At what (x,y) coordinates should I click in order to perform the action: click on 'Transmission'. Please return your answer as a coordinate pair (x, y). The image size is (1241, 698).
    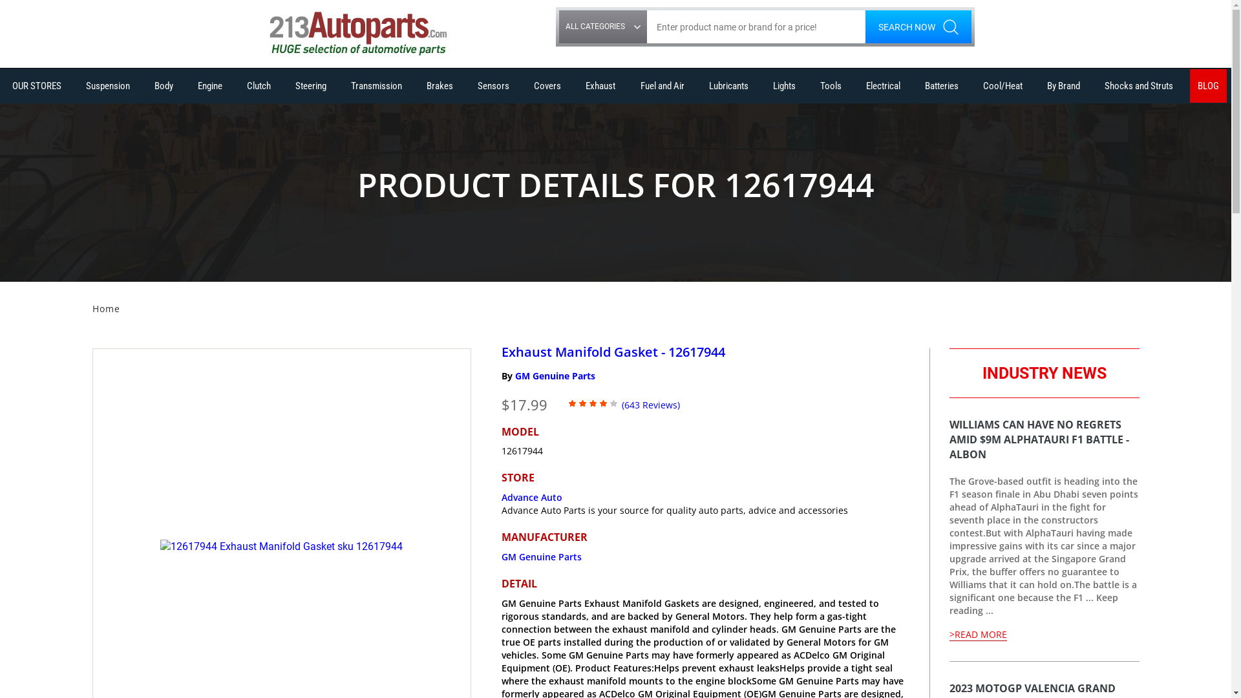
    Looking at the image, I should click on (376, 85).